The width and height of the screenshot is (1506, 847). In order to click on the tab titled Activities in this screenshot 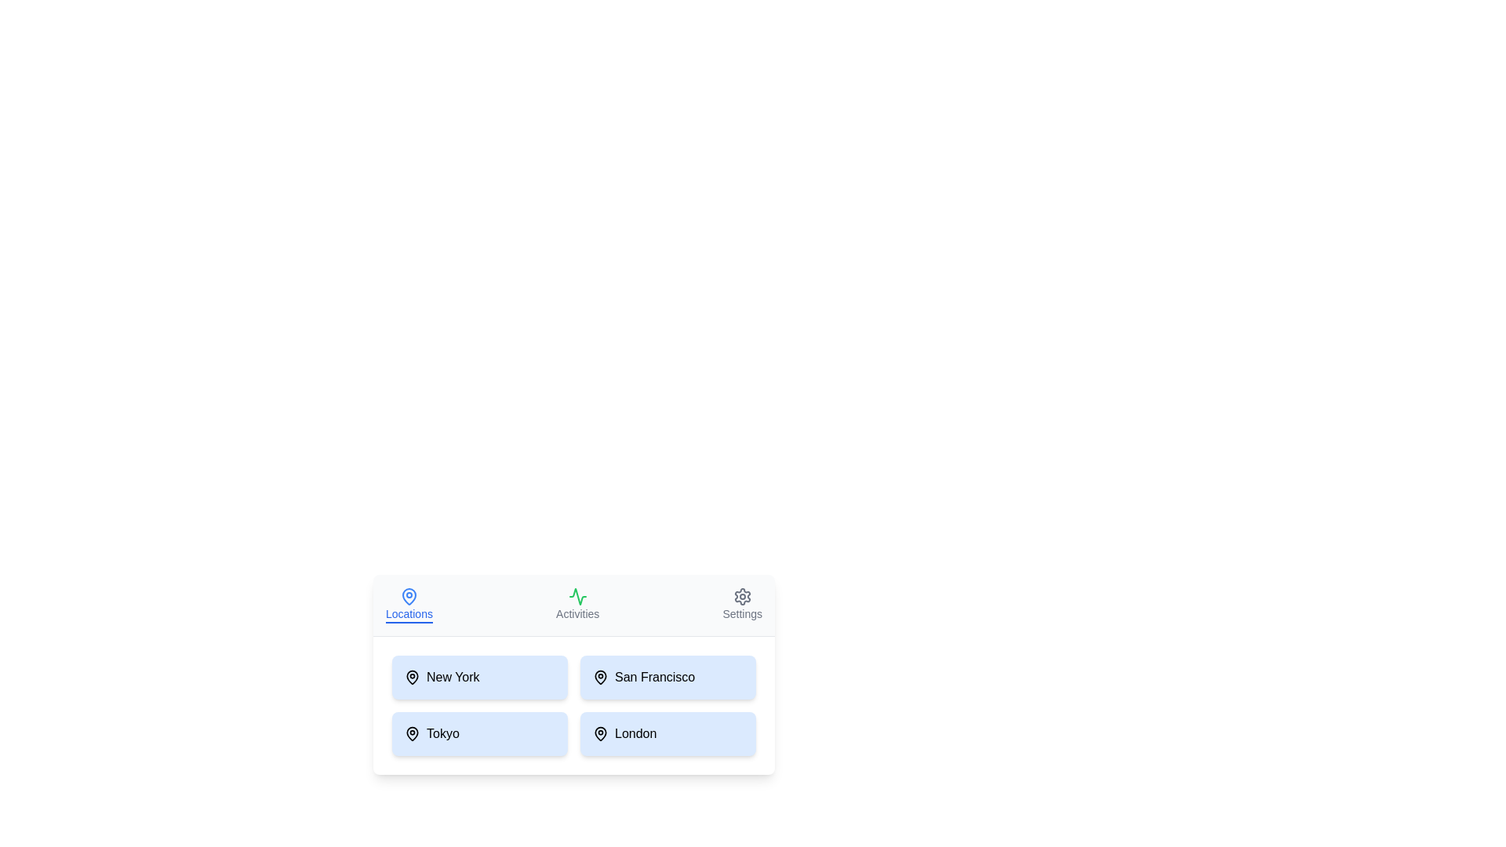, I will do `click(576, 604)`.